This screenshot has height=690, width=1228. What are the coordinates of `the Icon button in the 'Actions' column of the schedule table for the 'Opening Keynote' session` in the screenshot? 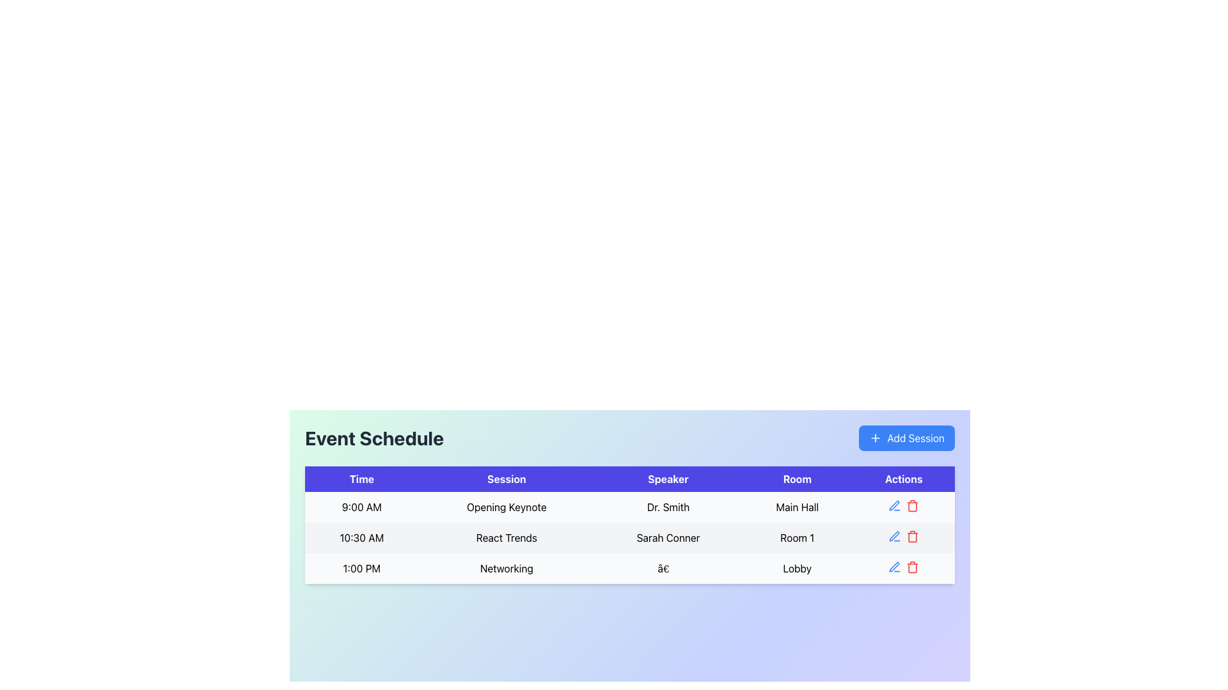 It's located at (894, 505).